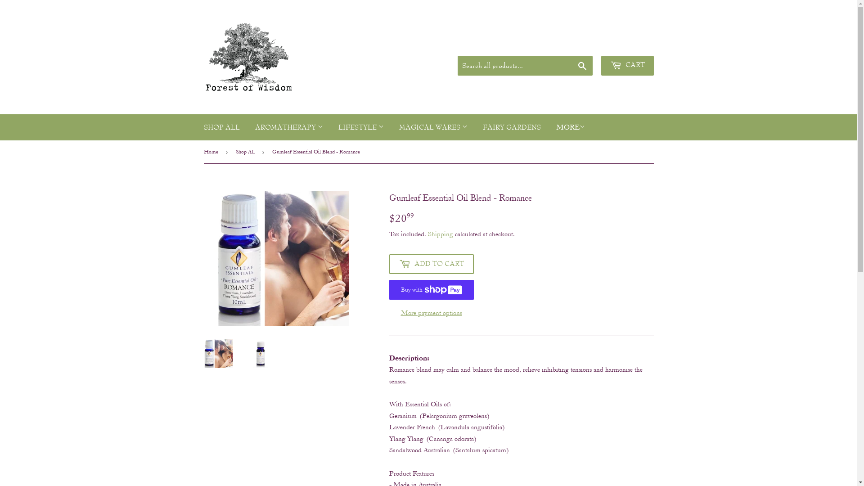 Image resolution: width=864 pixels, height=486 pixels. I want to click on 'ADD TO CART', so click(431, 263).